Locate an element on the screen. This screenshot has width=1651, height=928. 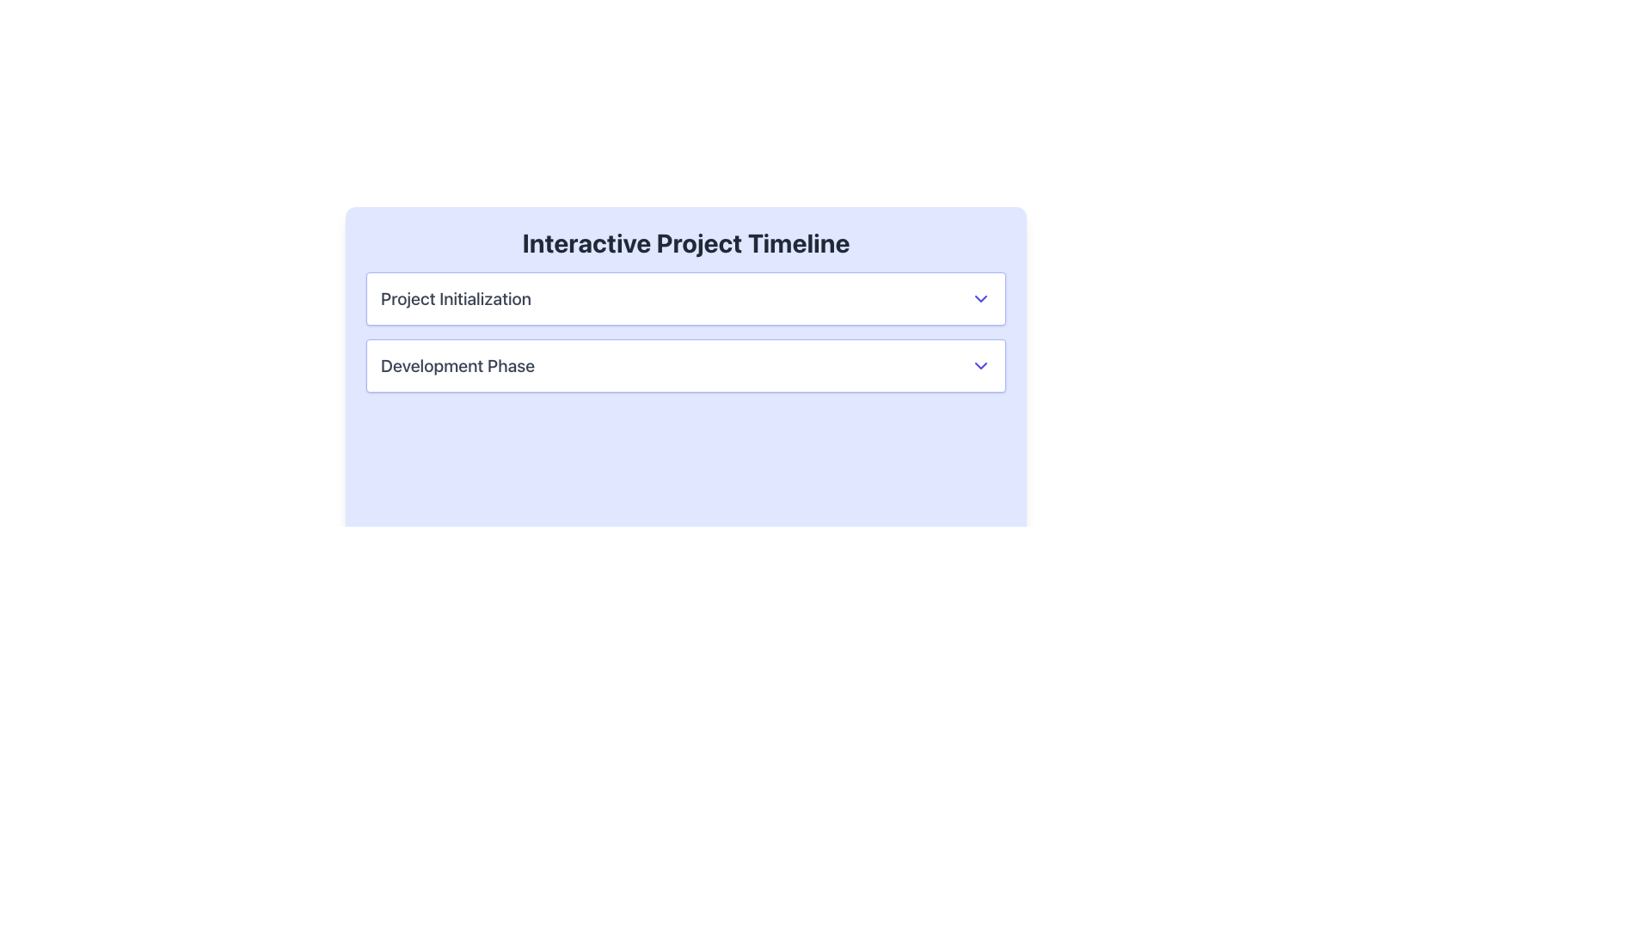
the downward-facing chevron icon in indigo hue located to the far right of the 'Development Phase' text is located at coordinates (981, 364).